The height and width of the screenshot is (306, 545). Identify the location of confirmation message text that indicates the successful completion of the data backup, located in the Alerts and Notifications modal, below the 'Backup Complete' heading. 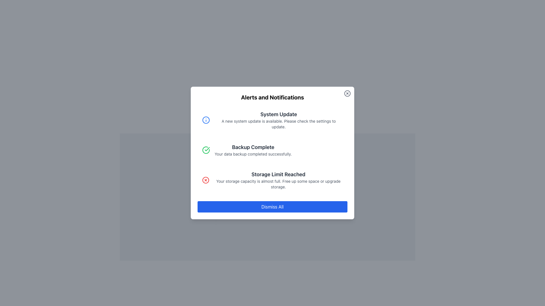
(253, 154).